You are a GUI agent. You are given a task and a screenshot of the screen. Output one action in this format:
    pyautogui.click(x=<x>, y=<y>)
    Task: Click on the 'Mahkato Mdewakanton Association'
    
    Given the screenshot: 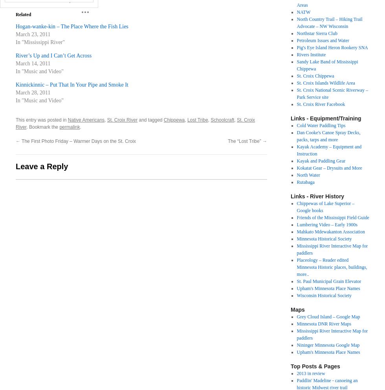 What is the action you would take?
    pyautogui.click(x=296, y=231)
    